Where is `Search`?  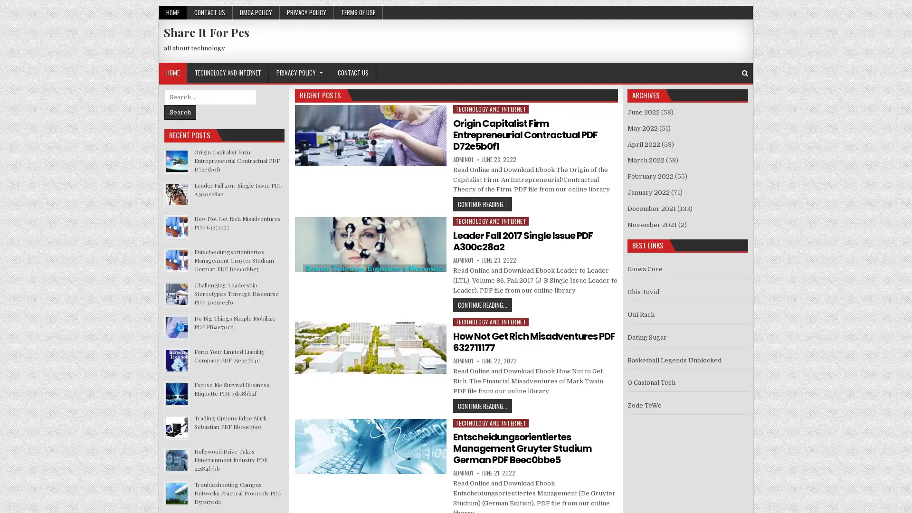
Search is located at coordinates (180, 112).